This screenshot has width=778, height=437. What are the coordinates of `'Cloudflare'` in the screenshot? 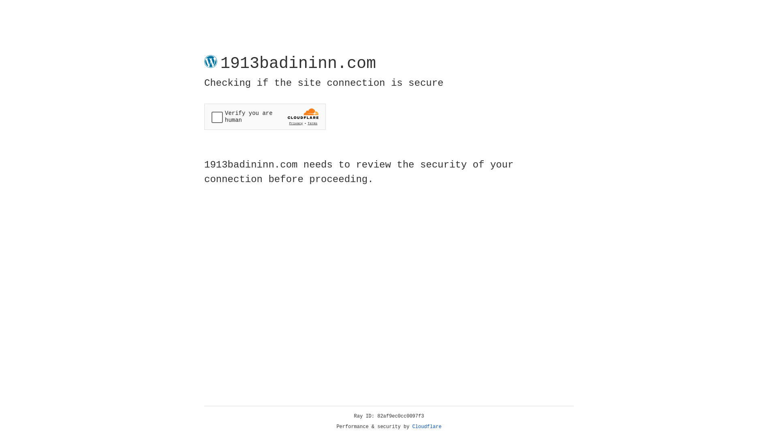 It's located at (427, 426).